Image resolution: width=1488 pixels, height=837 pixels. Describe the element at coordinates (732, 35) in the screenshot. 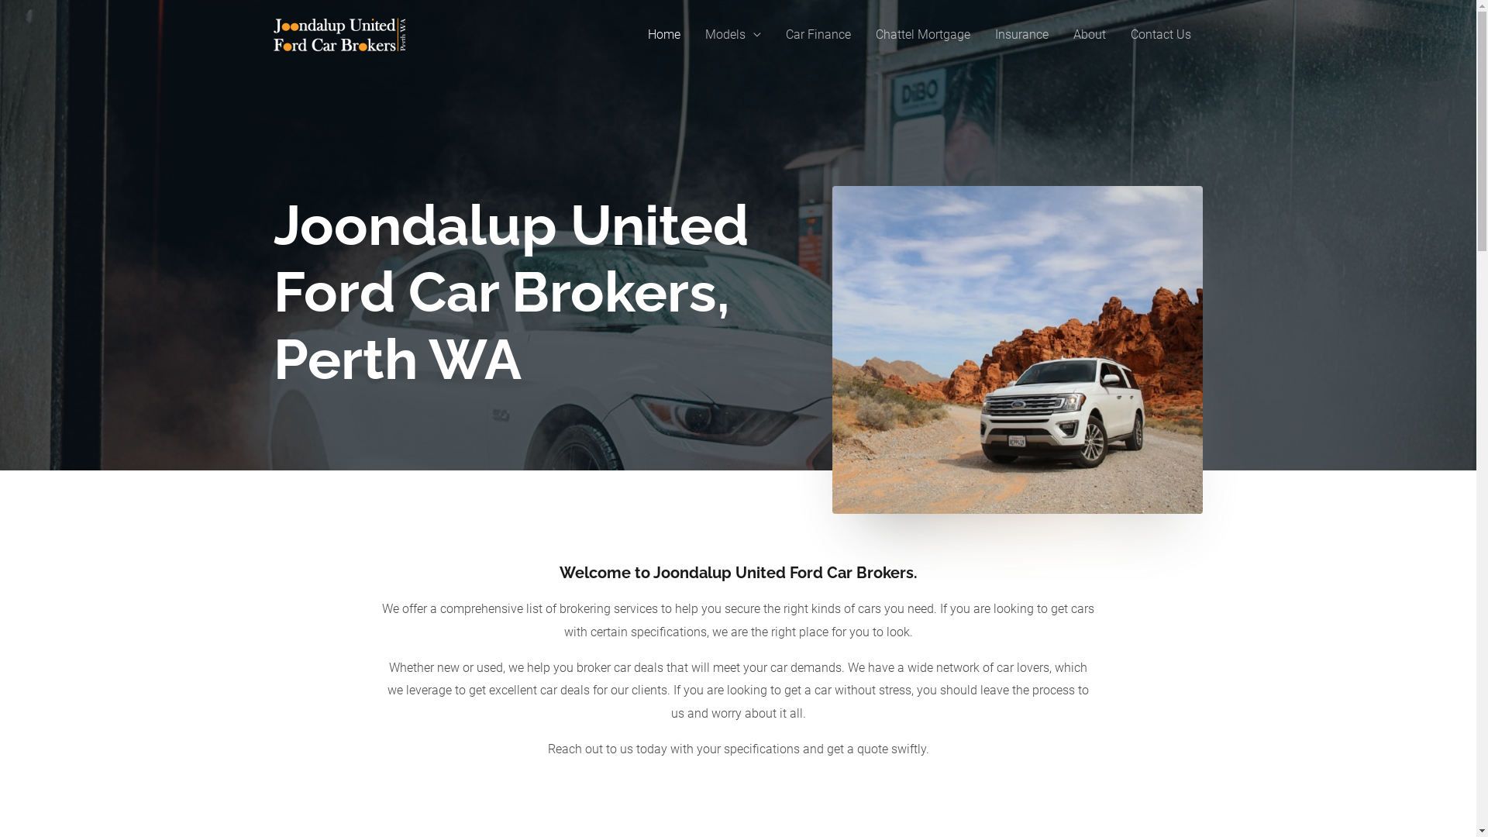

I see `'Models'` at that location.